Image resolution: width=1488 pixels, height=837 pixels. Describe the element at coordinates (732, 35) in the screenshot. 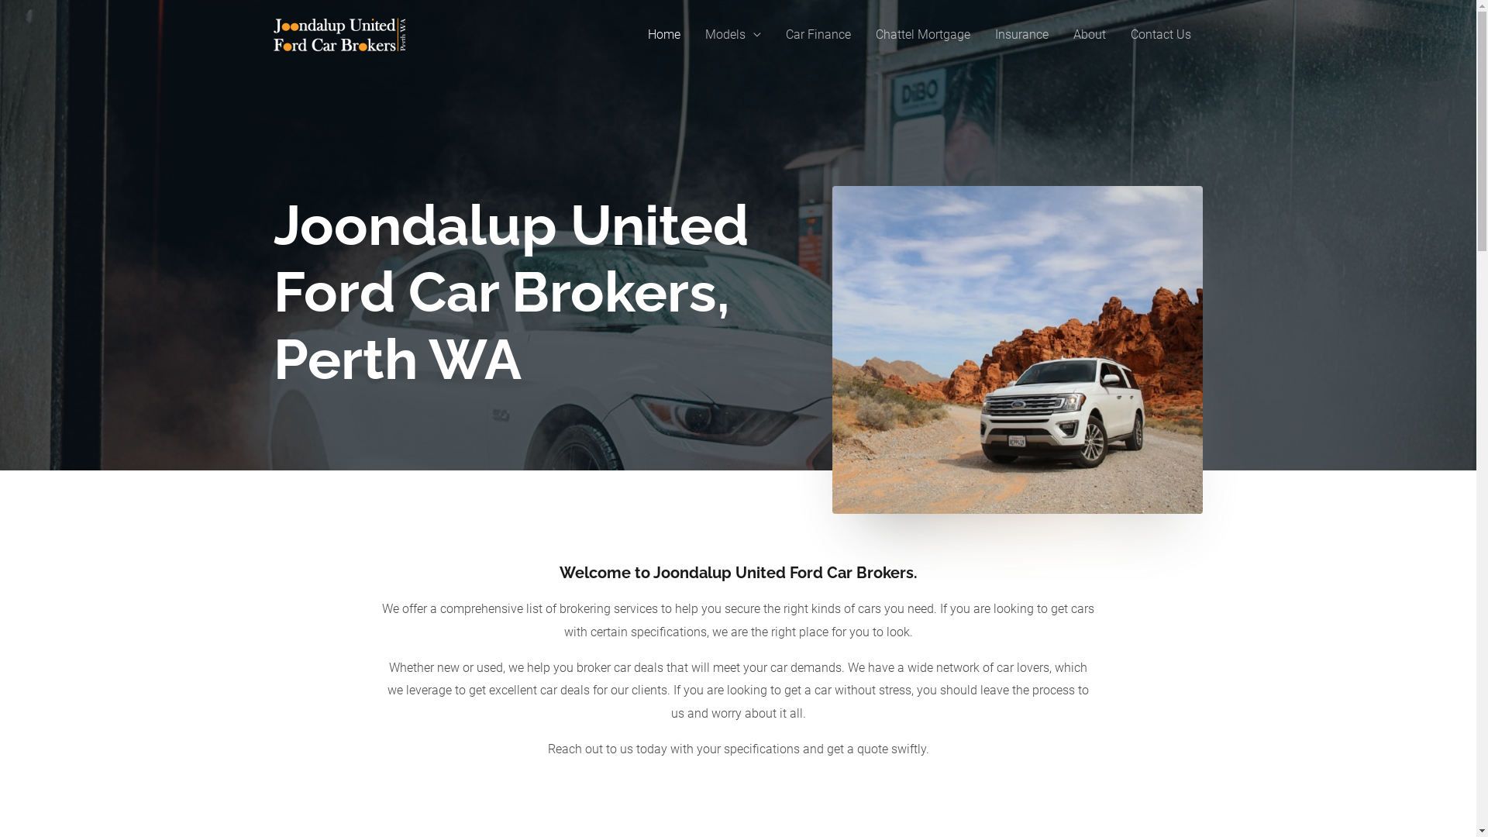

I see `'Models'` at that location.